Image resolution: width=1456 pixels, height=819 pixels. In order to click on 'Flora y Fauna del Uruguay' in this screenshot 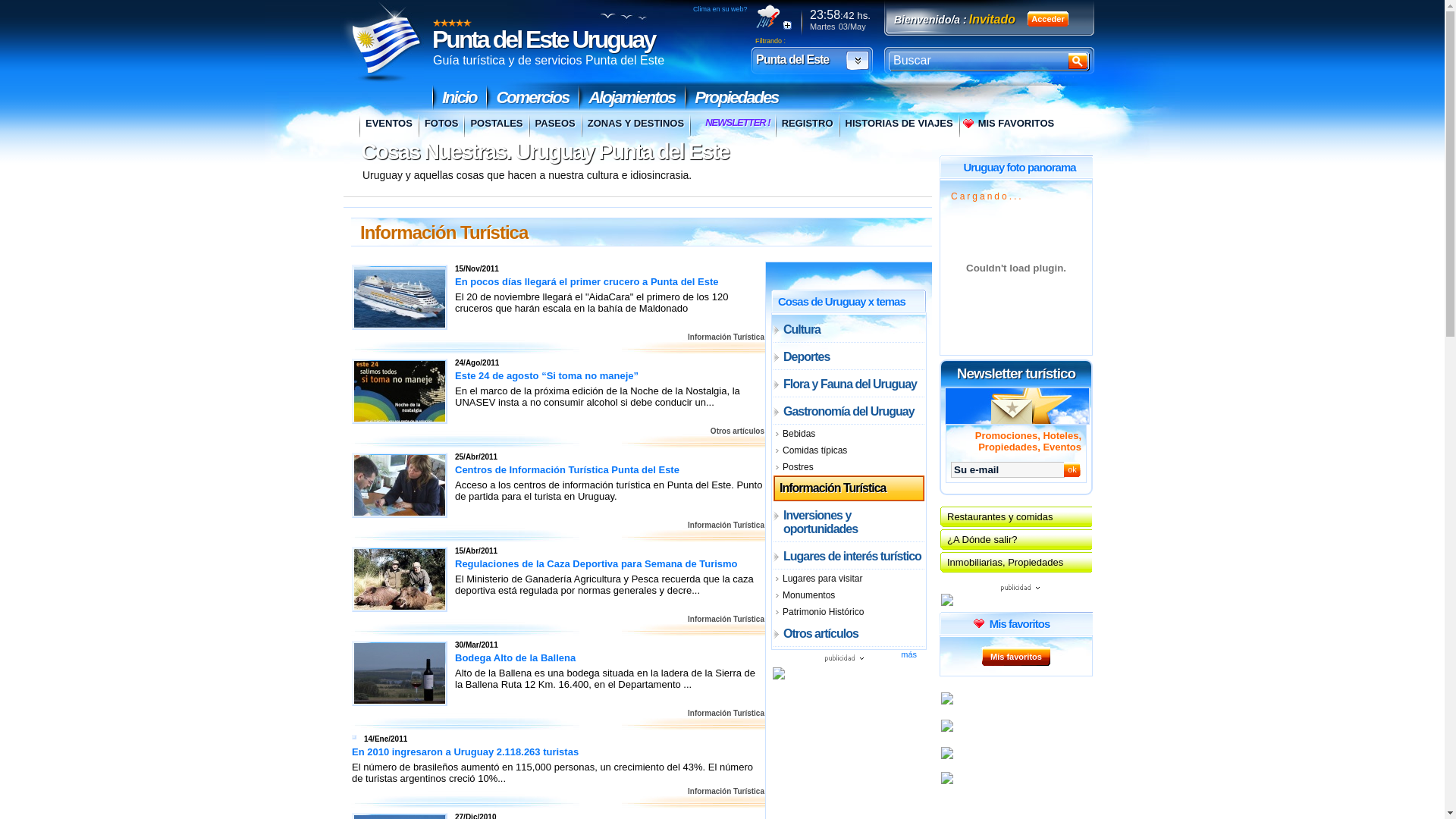, I will do `click(848, 383)`.